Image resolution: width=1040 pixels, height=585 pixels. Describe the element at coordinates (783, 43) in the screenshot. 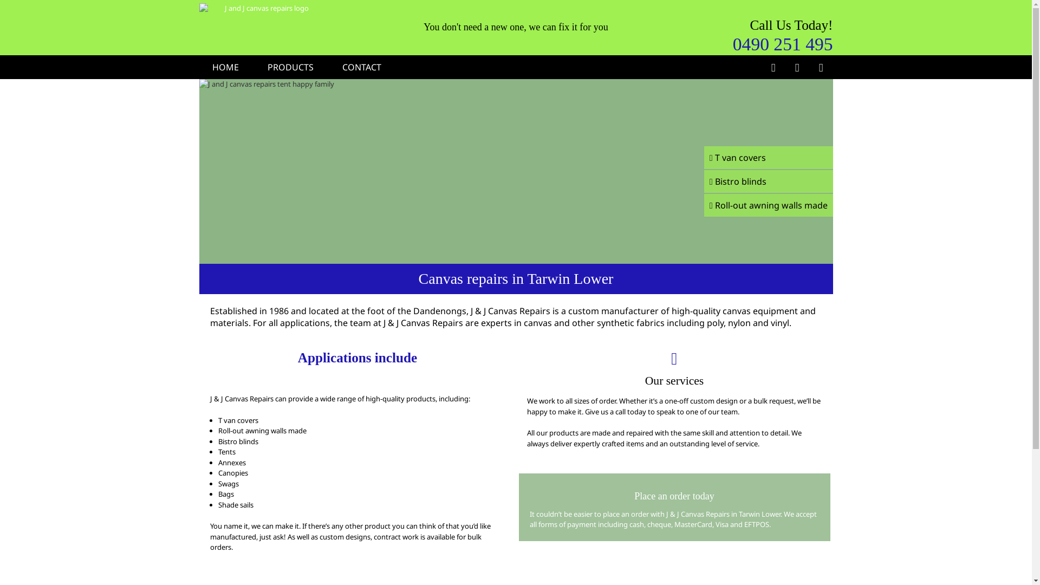

I see `'0490 251 495'` at that location.